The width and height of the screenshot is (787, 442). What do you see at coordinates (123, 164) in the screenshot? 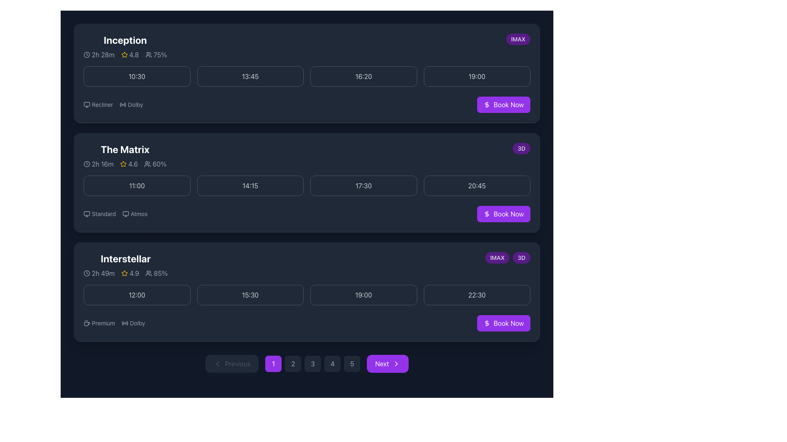
I see `the yellow star-shaped icon representing a rating component for the movie 'The Matrix', located next to the numeric rating value '4.6'` at bounding box center [123, 164].